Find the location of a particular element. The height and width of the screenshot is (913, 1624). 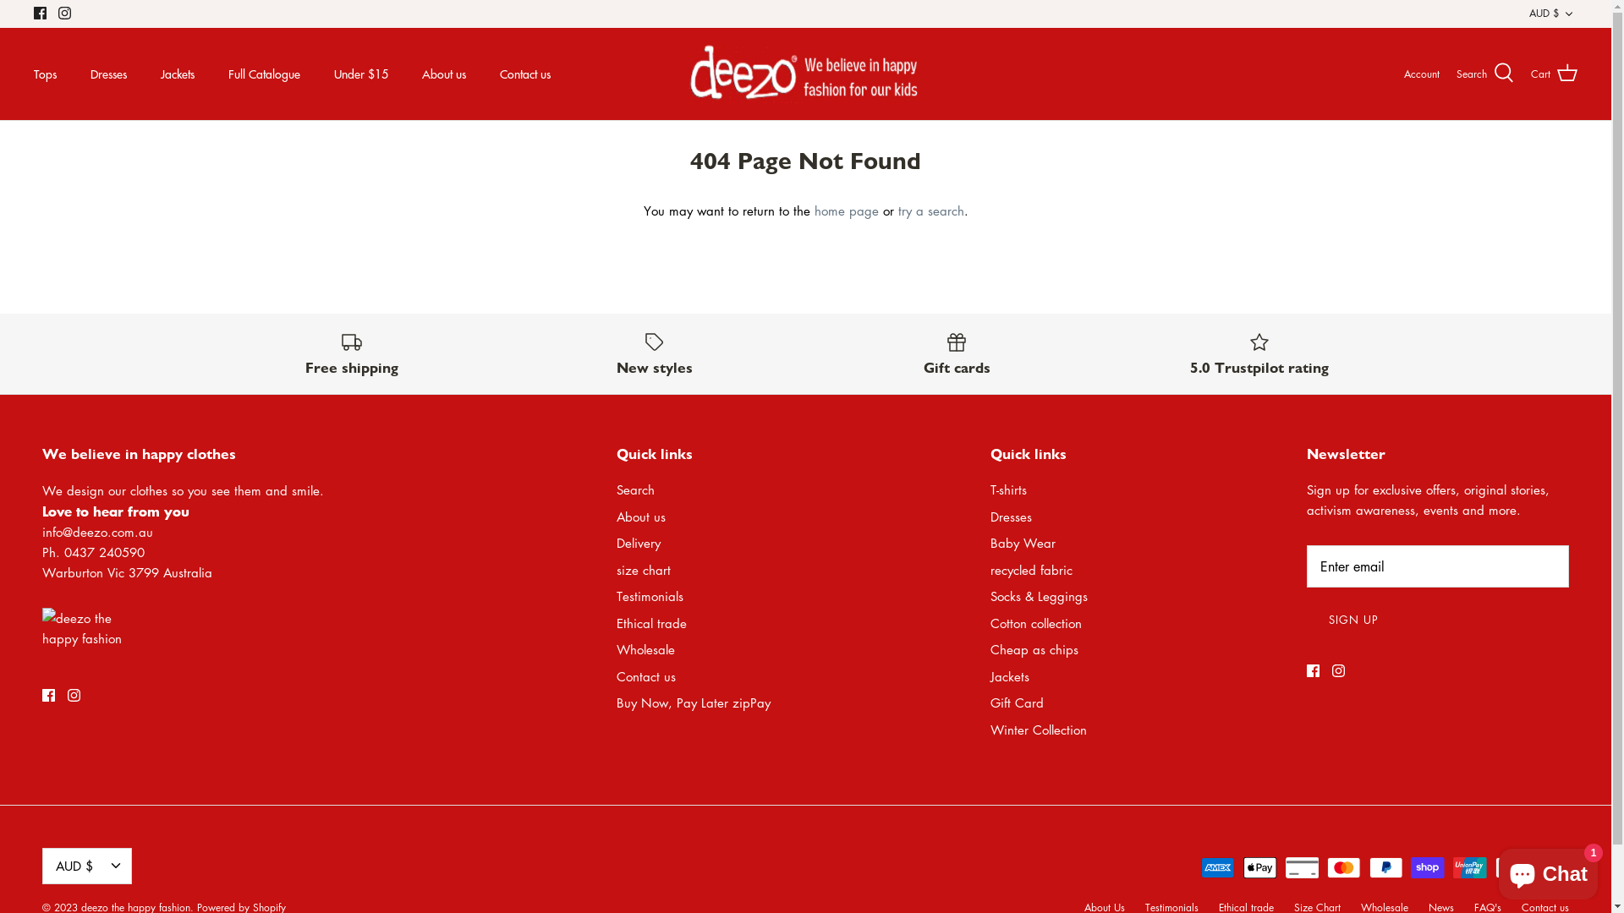

'Instagram' is located at coordinates (73, 695).